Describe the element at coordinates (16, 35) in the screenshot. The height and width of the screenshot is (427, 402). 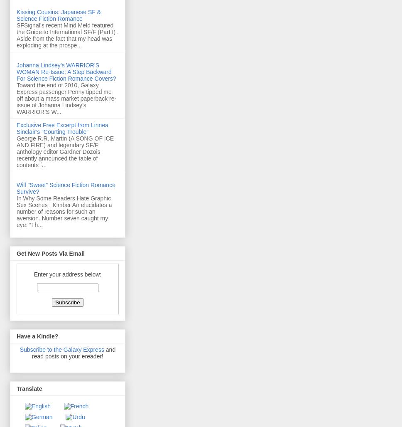
I see `'SFSignal’s recent Mind Meld featured the Guide to International SF/F (Part I) . Aside from the fact that my head was exploding at the prospe...'` at that location.